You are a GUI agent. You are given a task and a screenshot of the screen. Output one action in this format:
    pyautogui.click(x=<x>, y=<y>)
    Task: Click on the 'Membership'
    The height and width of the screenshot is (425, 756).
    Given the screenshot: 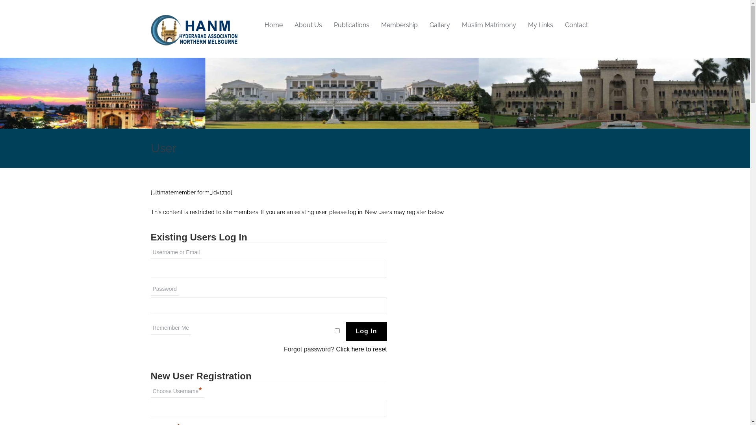 What is the action you would take?
    pyautogui.click(x=399, y=25)
    